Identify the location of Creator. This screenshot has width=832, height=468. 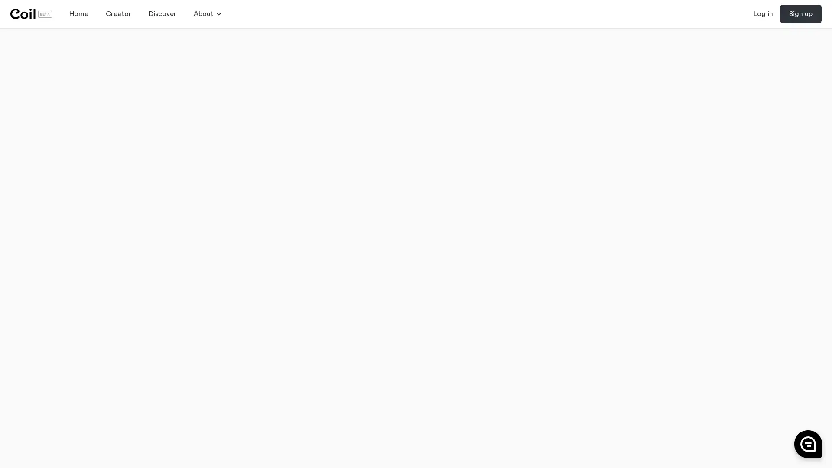
(118, 13).